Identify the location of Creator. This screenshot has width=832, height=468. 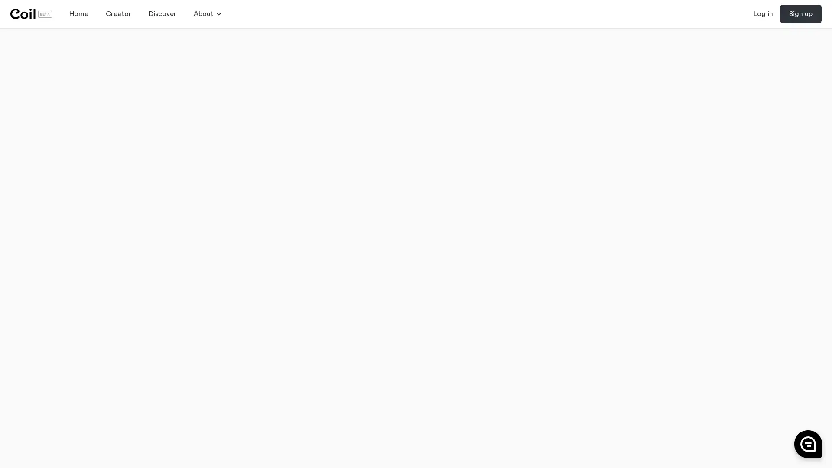
(118, 13).